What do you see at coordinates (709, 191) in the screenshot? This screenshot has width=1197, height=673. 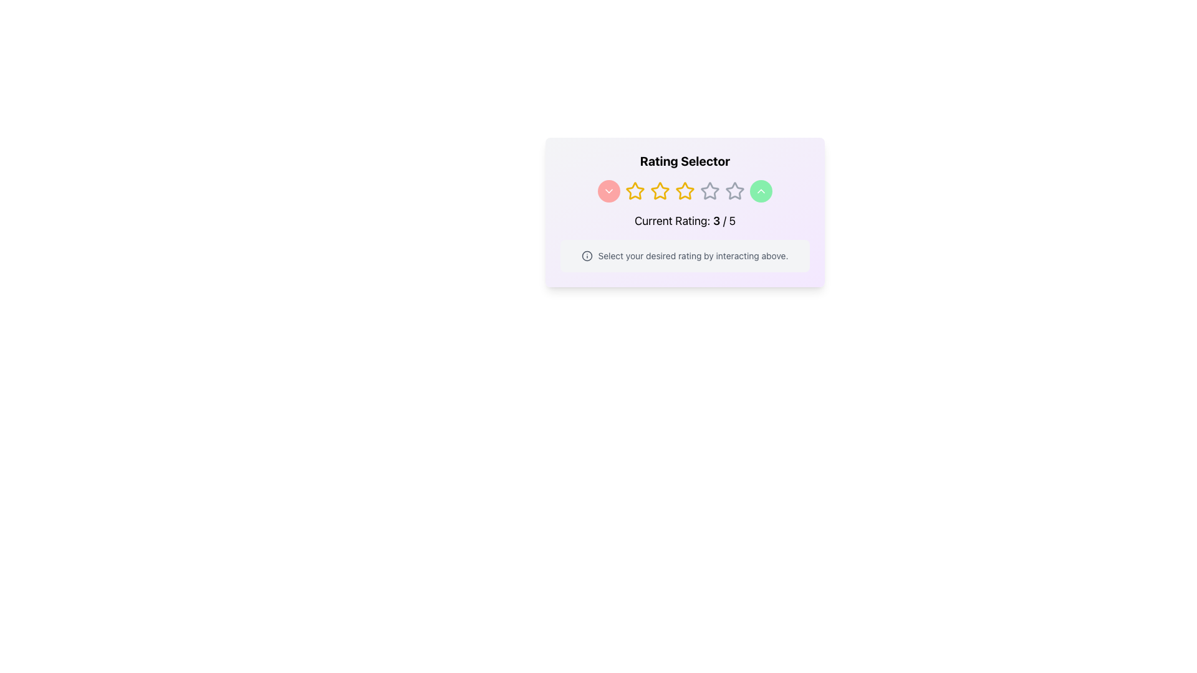 I see `the fourth star icon in a row of five stars, which represents a rating level, located near the top-center of the layout` at bounding box center [709, 191].